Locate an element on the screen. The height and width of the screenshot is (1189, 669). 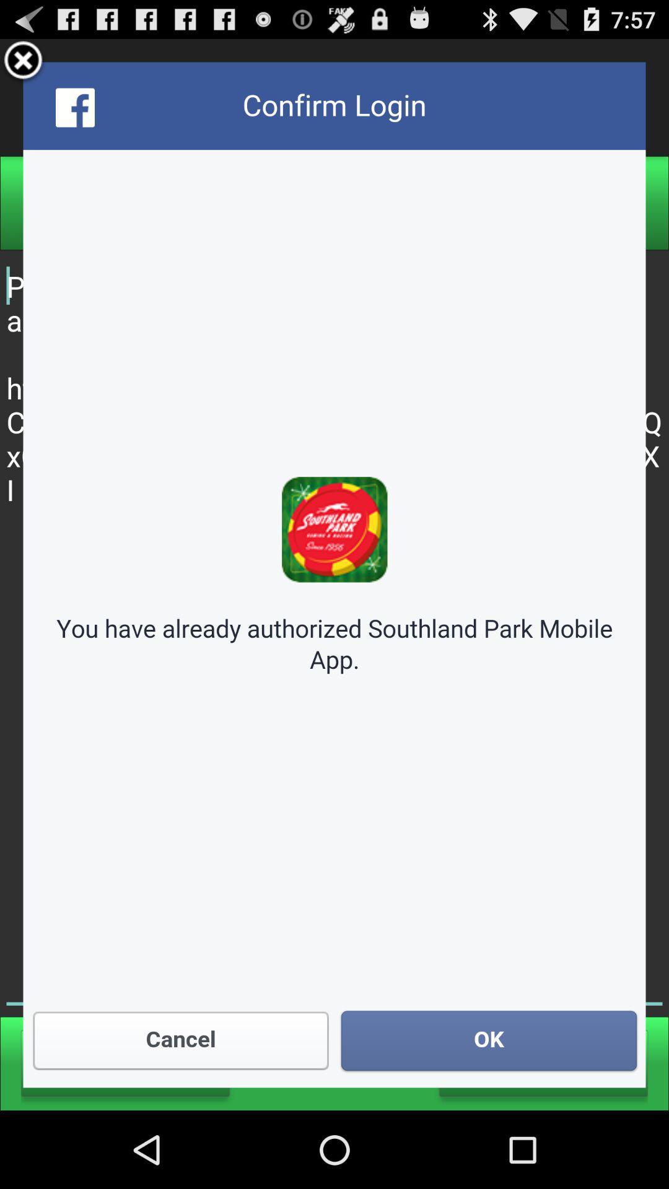
the close icon is located at coordinates (23, 66).